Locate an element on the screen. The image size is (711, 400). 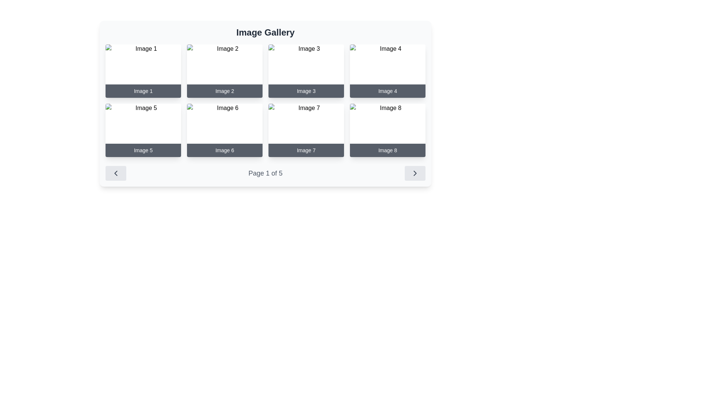
the card representing an item is located at coordinates (306, 130).